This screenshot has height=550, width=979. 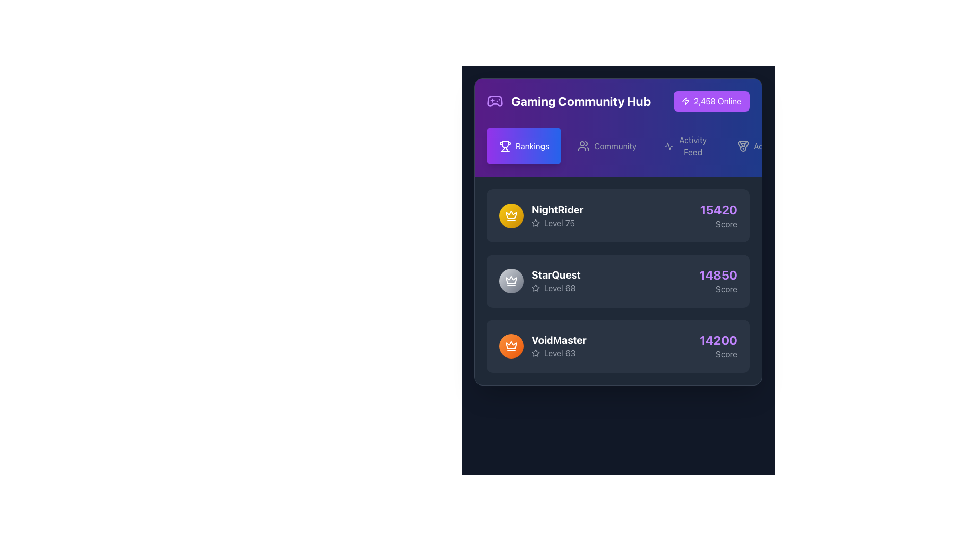 What do you see at coordinates (511, 345) in the screenshot?
I see `the crown icon, which is positioned inside a rounded background with a gradient orange tone, located below the 'Rankings' header` at bounding box center [511, 345].